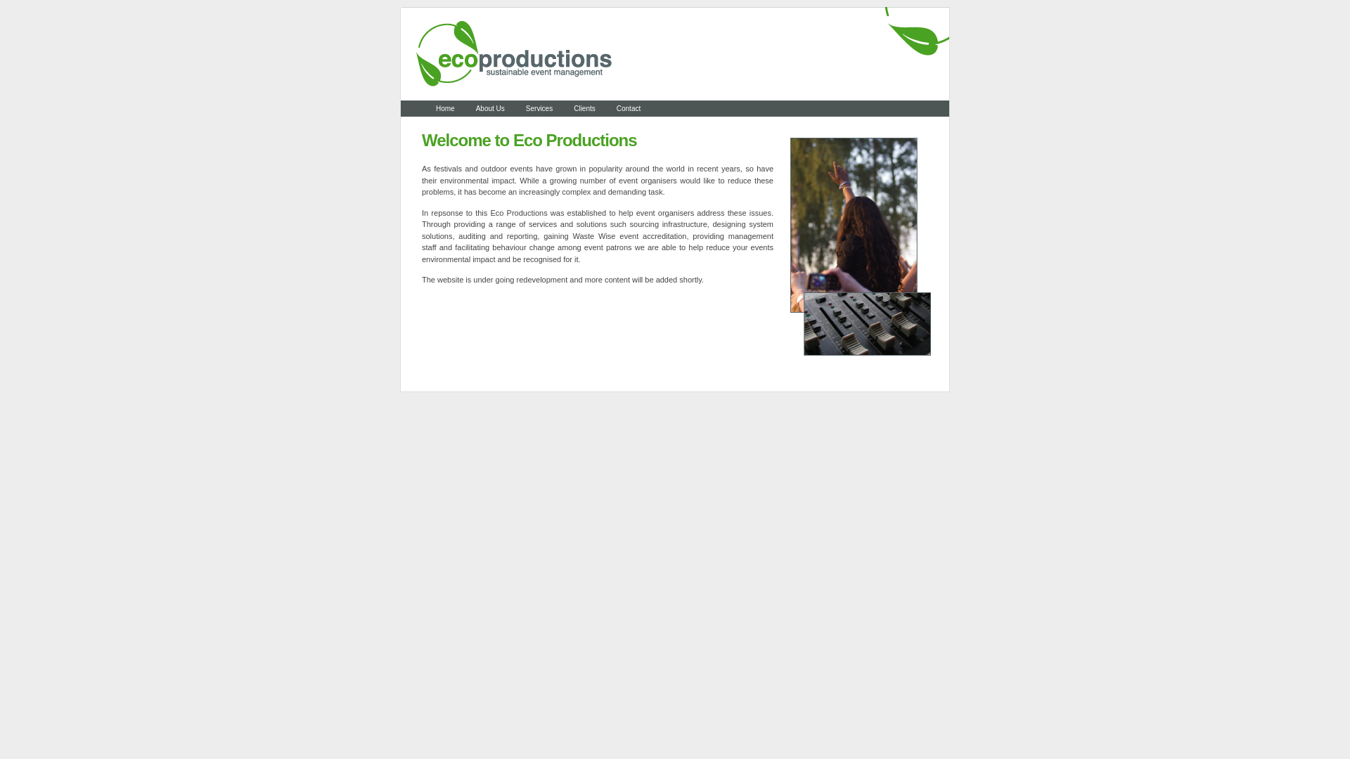 This screenshot has width=1350, height=759. Describe the element at coordinates (444, 108) in the screenshot. I see `'Home'` at that location.